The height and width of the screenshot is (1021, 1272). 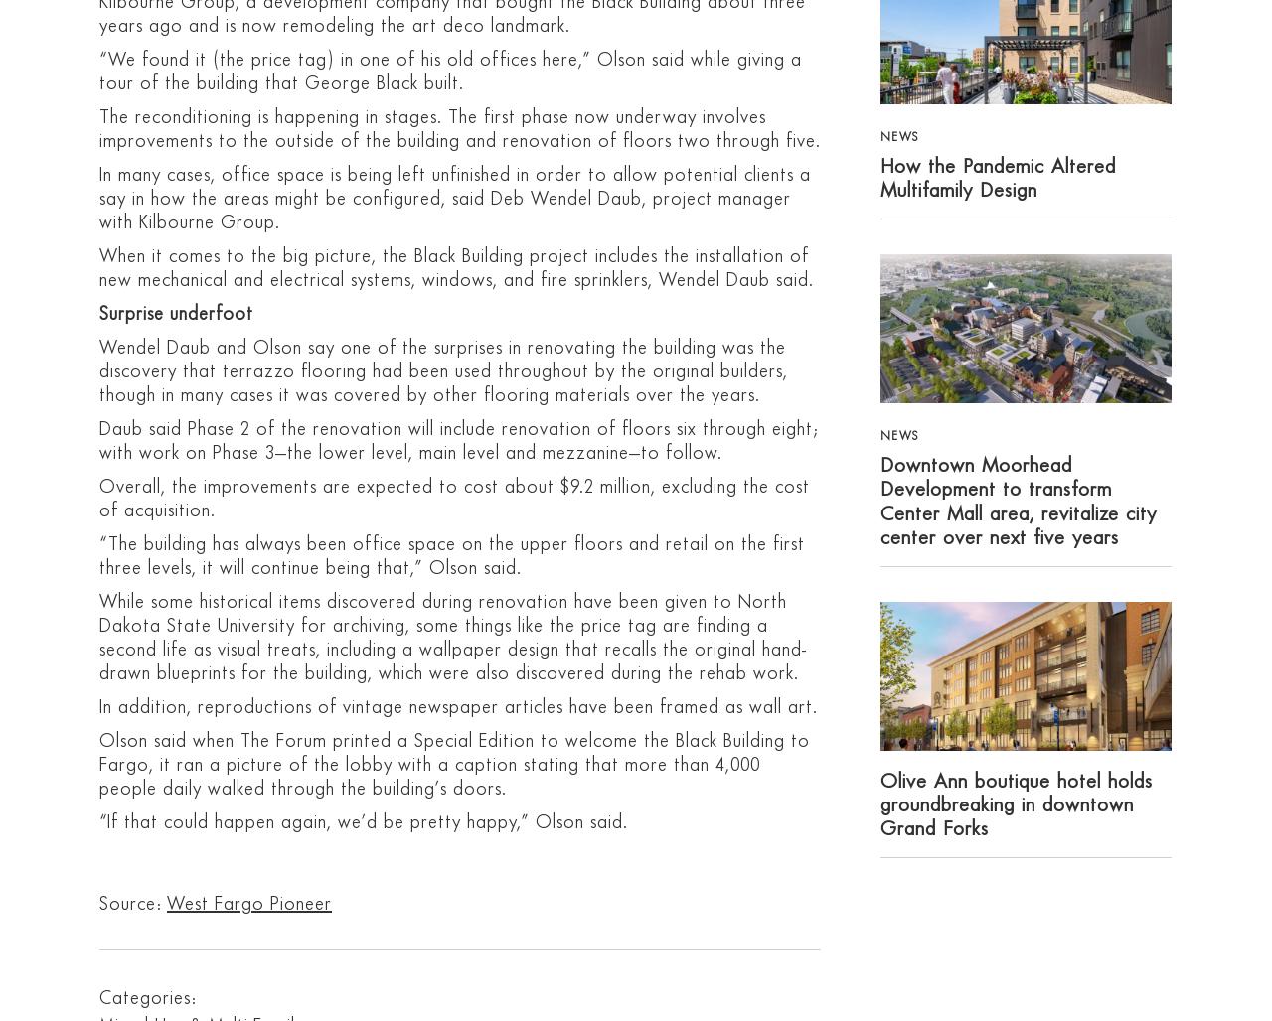 What do you see at coordinates (452, 636) in the screenshot?
I see `'While some historical items discovered during renovation have been given to North Dakota State University for archiving, some things like the price tag are finding a second life as visual treats, including a wallpaper design that recalls the original hand-drawn blueprints for the building, which were also discovered during the rehab work.'` at bounding box center [452, 636].